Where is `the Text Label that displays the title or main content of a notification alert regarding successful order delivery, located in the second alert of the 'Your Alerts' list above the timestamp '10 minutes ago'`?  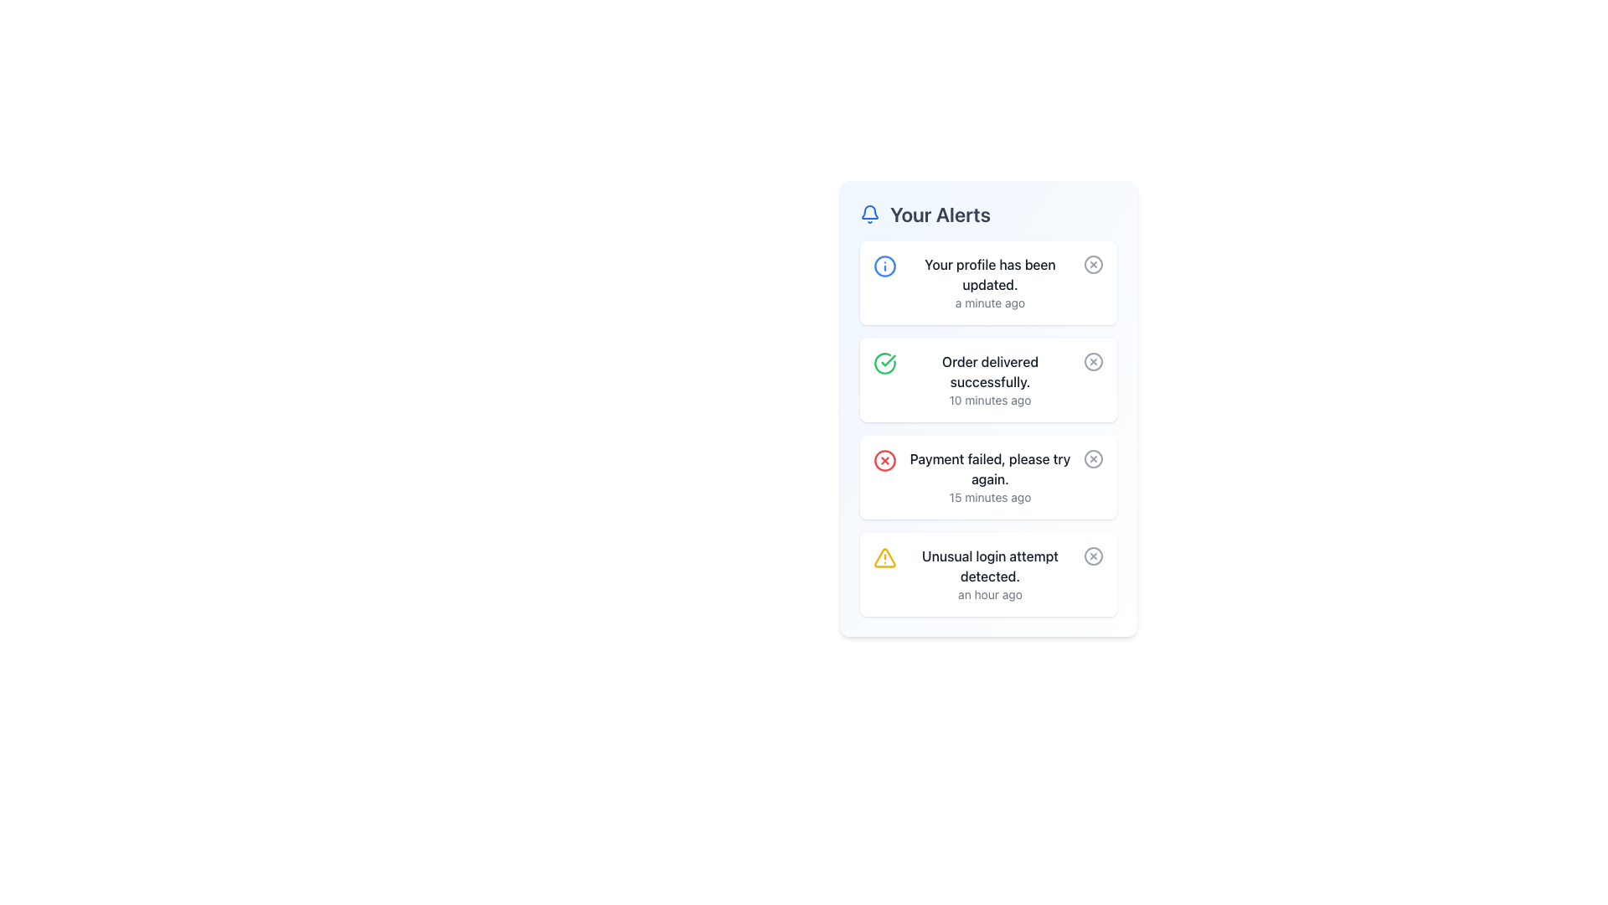
the Text Label that displays the title or main content of a notification alert regarding successful order delivery, located in the second alert of the 'Your Alerts' list above the timestamp '10 minutes ago' is located at coordinates (990, 370).